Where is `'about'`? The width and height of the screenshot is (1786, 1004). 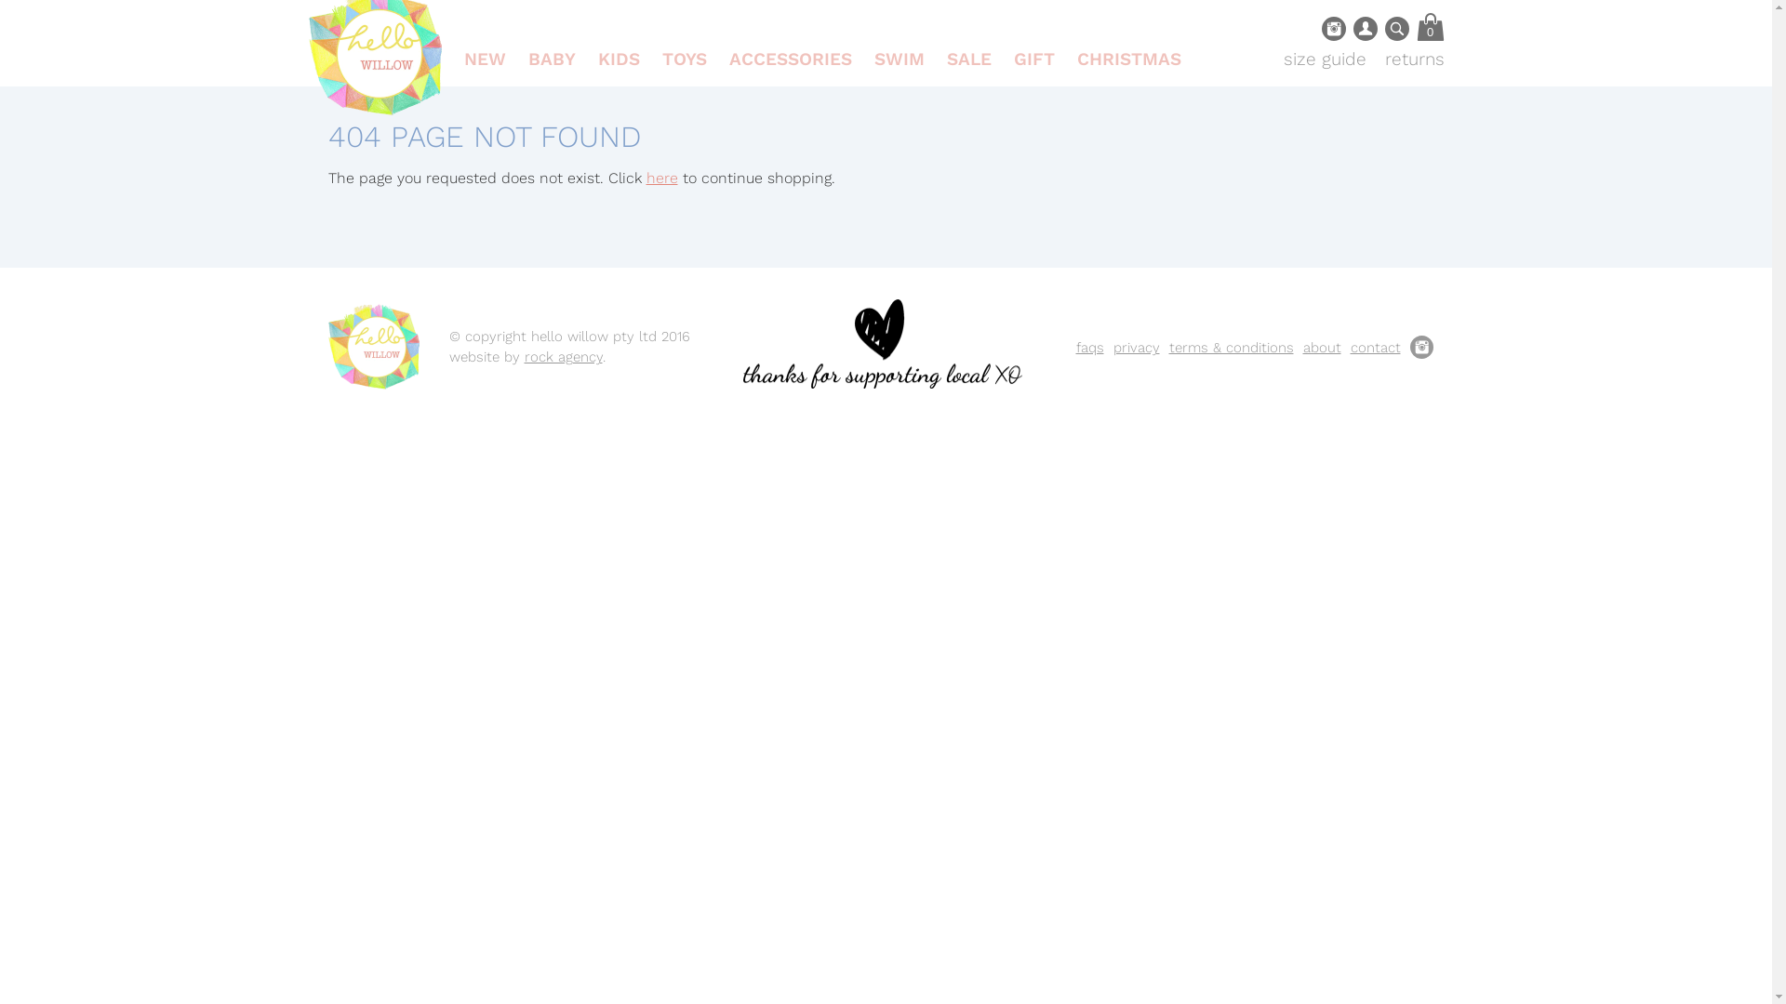
'about' is located at coordinates (1320, 348).